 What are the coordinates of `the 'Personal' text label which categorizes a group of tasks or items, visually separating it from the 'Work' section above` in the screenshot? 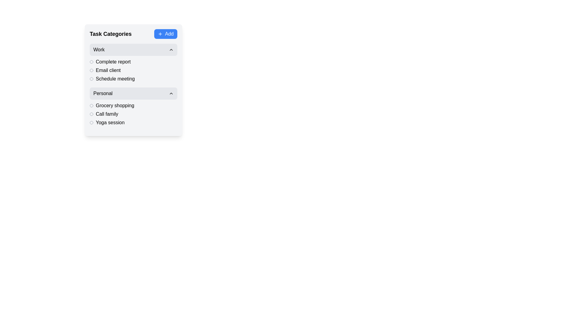 It's located at (103, 94).